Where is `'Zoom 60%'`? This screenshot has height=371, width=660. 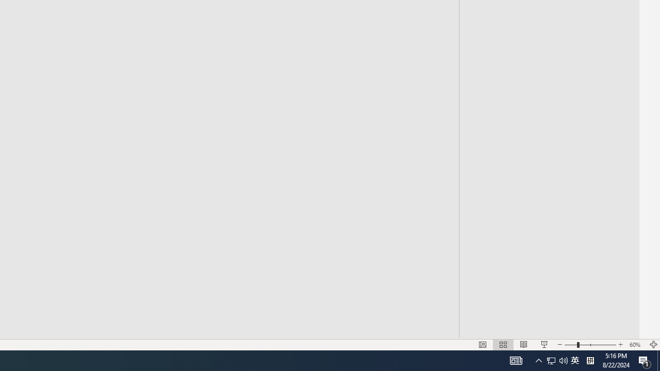
'Zoom 60%' is located at coordinates (636, 345).